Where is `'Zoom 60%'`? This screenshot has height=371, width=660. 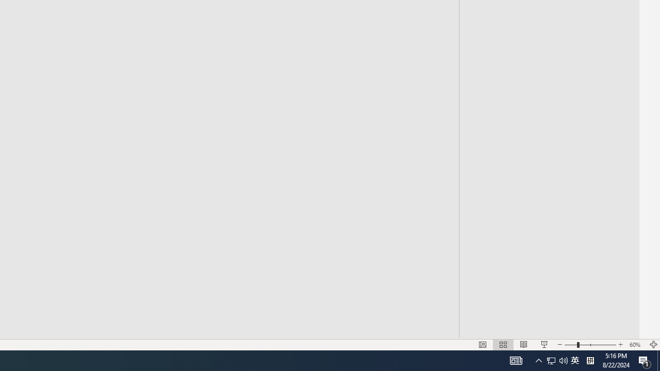
'Zoom 60%' is located at coordinates (636, 345).